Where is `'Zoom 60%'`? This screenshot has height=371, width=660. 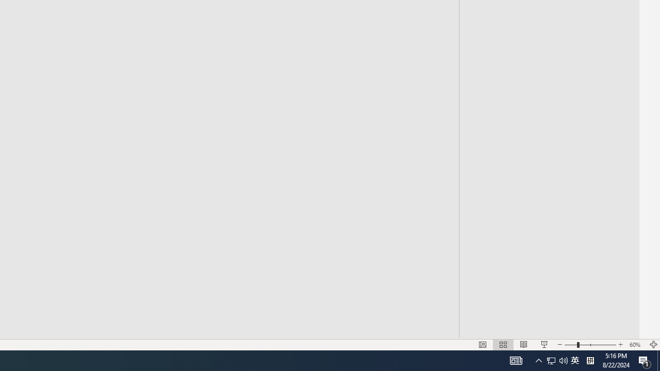
'Zoom 60%' is located at coordinates (636, 345).